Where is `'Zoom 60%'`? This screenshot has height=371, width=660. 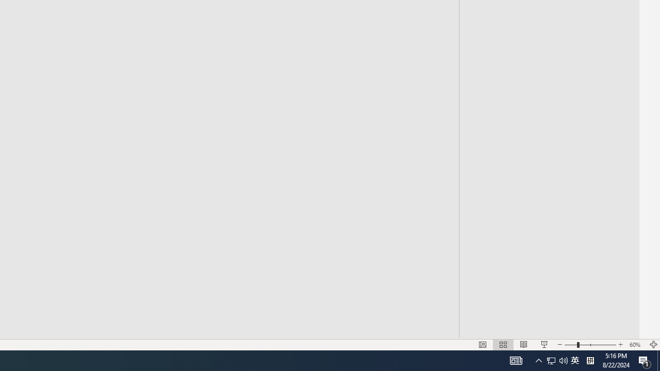
'Zoom 60%' is located at coordinates (636, 345).